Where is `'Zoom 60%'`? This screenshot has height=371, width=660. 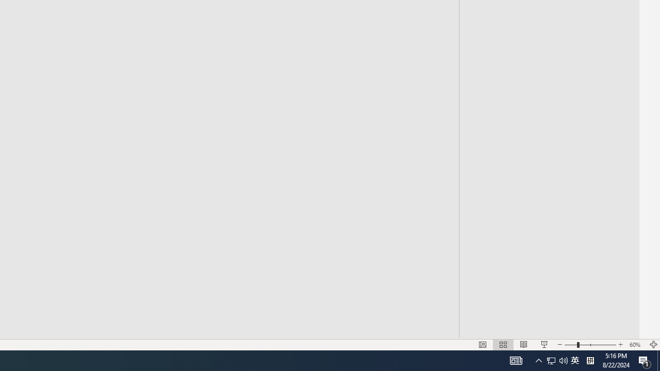
'Zoom 60%' is located at coordinates (636, 345).